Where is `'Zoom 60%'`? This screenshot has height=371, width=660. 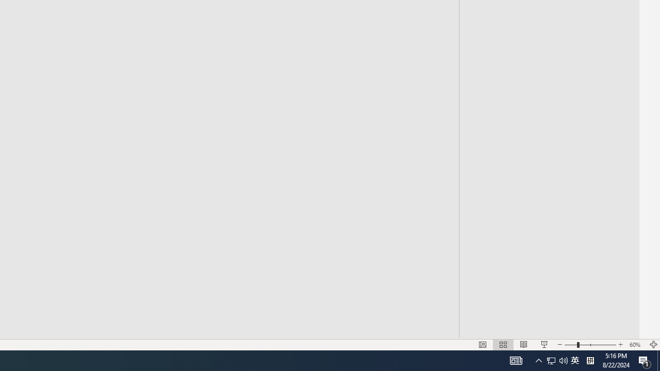
'Zoom 60%' is located at coordinates (636, 345).